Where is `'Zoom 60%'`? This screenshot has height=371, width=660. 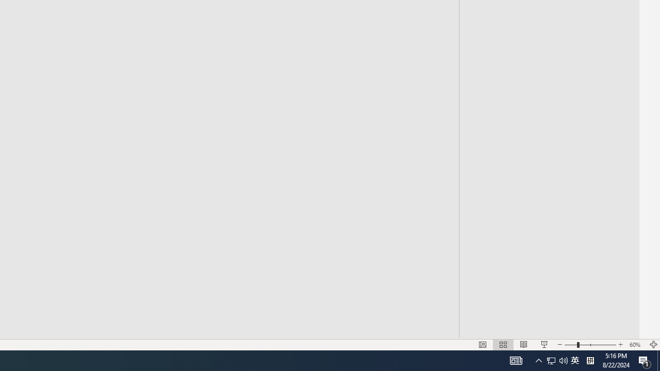
'Zoom 60%' is located at coordinates (636, 345).